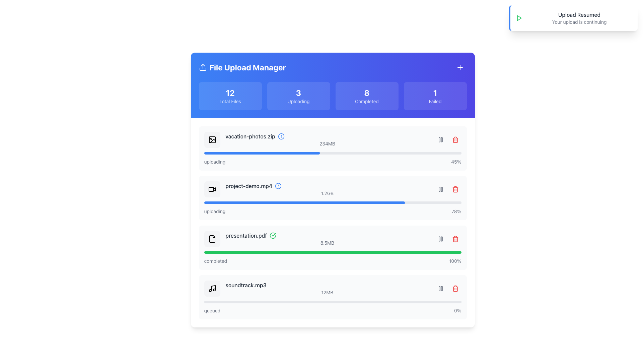 The image size is (643, 362). What do you see at coordinates (212, 239) in the screenshot?
I see `the file icon representing 'presentation.pdf' in the file upload manager` at bounding box center [212, 239].